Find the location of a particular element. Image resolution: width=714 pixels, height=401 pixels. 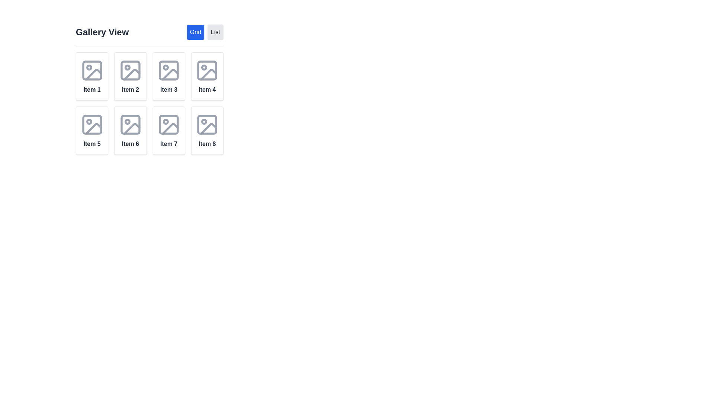

the image icon with a rounded rectangle frame and a diagonal line is located at coordinates (91, 70).